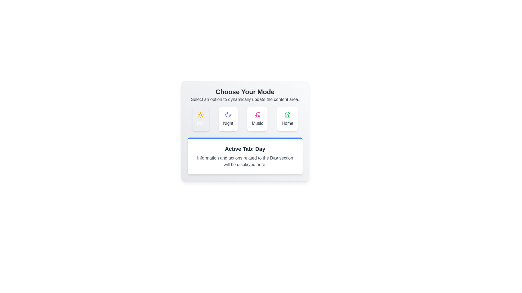 The height and width of the screenshot is (293, 522). What do you see at coordinates (228, 114) in the screenshot?
I see `the crescent moon-shaped icon in blue, which represents nighttime mode, located inside the 'Night' button beneath the 'Choose Your Mode' heading` at bounding box center [228, 114].